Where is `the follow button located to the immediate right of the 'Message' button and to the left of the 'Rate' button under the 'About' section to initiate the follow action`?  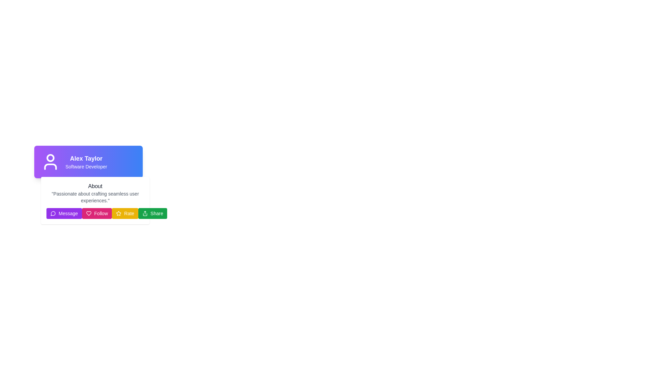
the follow button located to the immediate right of the 'Message' button and to the left of the 'Rate' button under the 'About' section to initiate the follow action is located at coordinates (95, 213).